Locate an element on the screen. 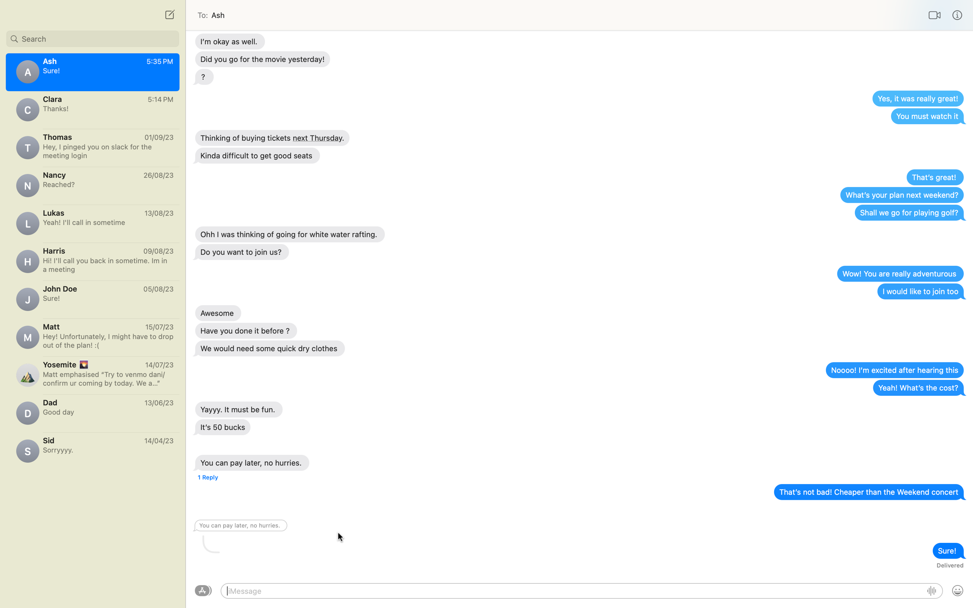  Send message to Ash to say "Good Morning is located at coordinates (573, 591).